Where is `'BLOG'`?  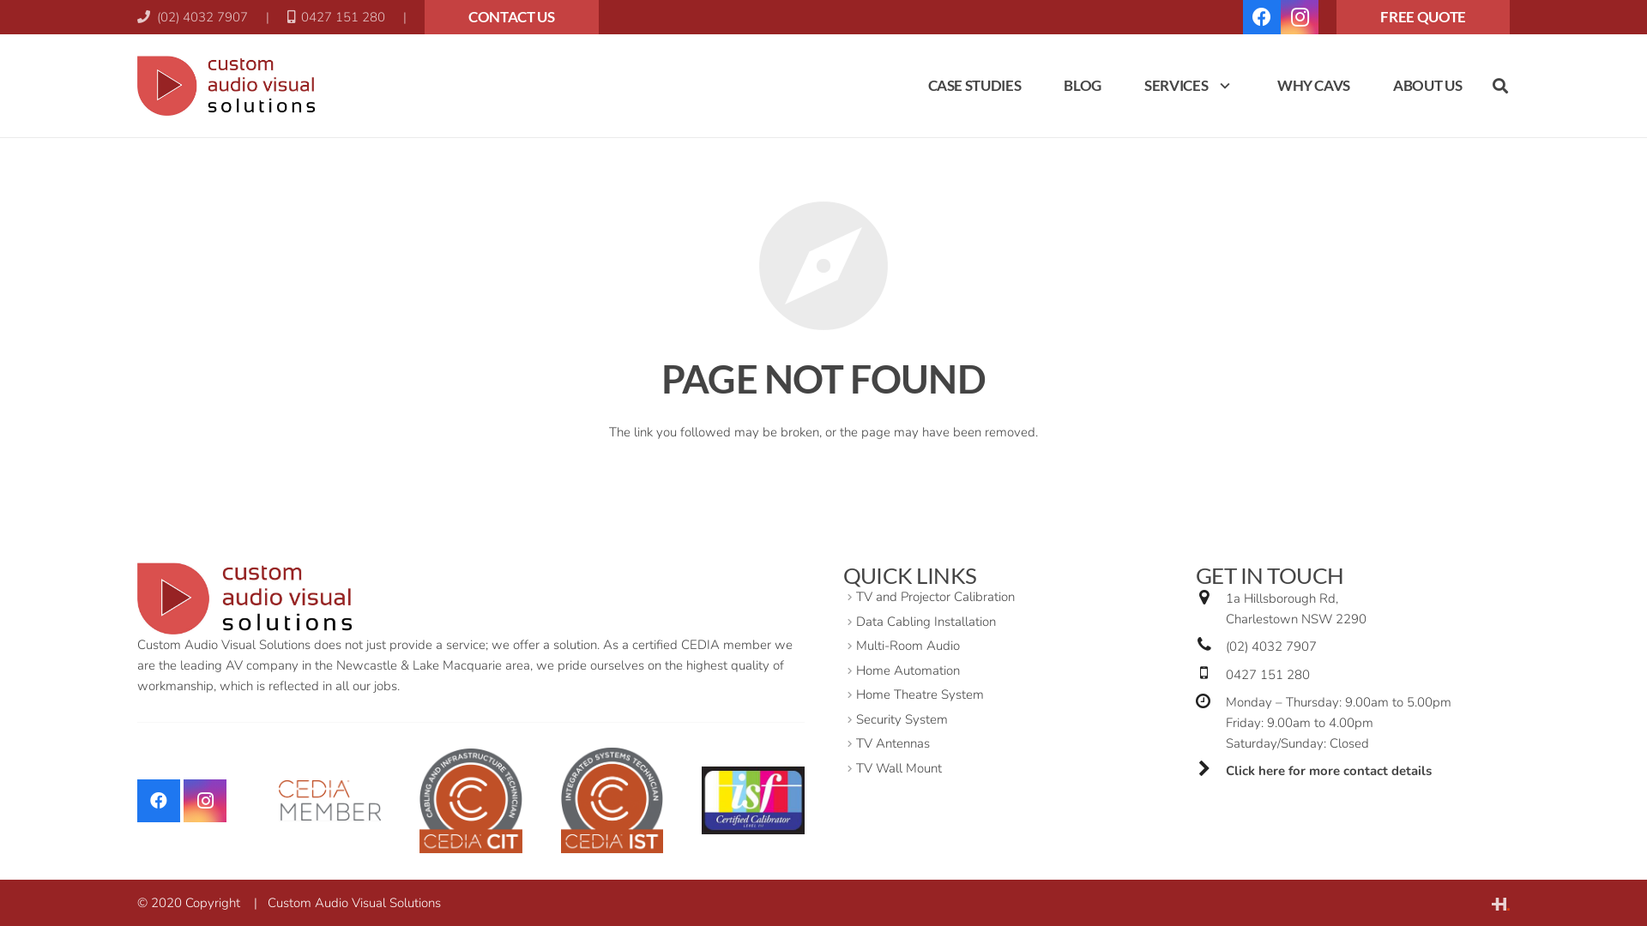
'BLOG' is located at coordinates (1082, 86).